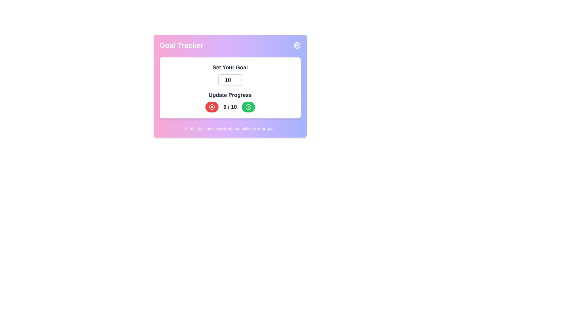 The height and width of the screenshot is (323, 574). Describe the element at coordinates (230, 107) in the screenshot. I see `the text display that shows the user's progress, specifically indicating '0 / 10', located between the red decrease button and the green increase button in the 'Update Progress' section of the card interface` at that location.